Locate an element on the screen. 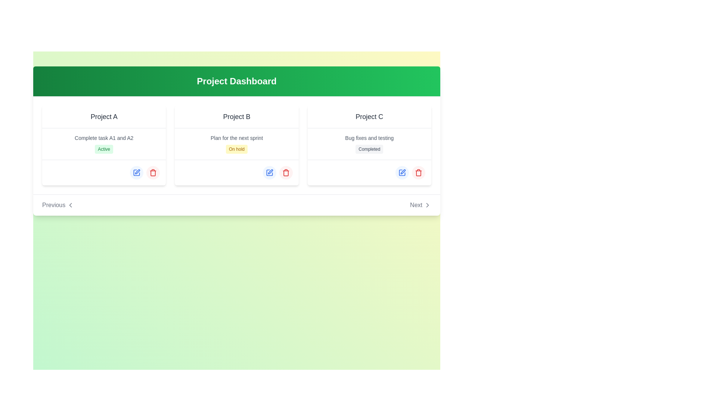 The image size is (717, 403). the banner element at the top of the page, which serves as the title or heading for the section is located at coordinates (236, 81).